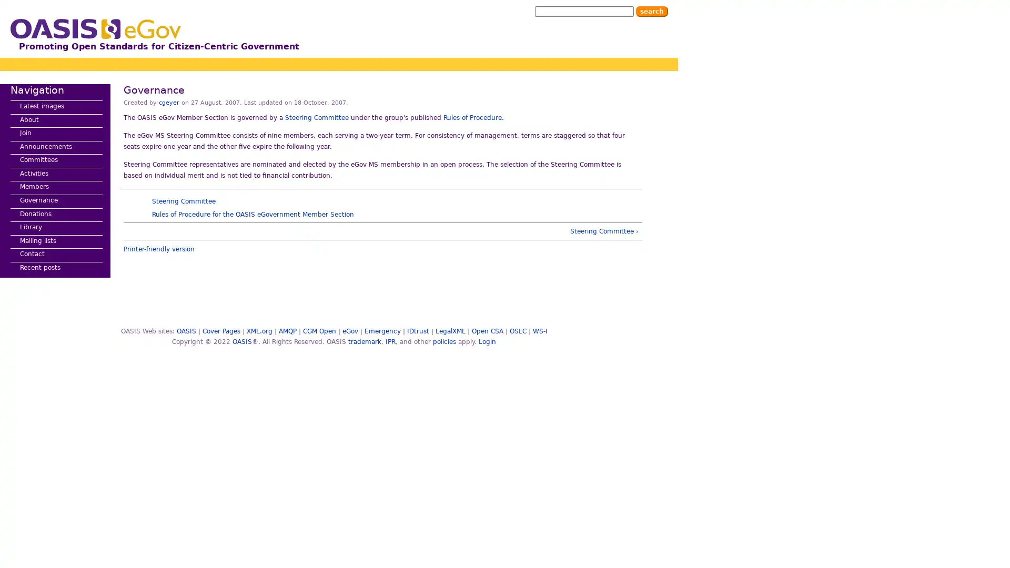 This screenshot has height=568, width=1010. I want to click on Search, so click(651, 12).